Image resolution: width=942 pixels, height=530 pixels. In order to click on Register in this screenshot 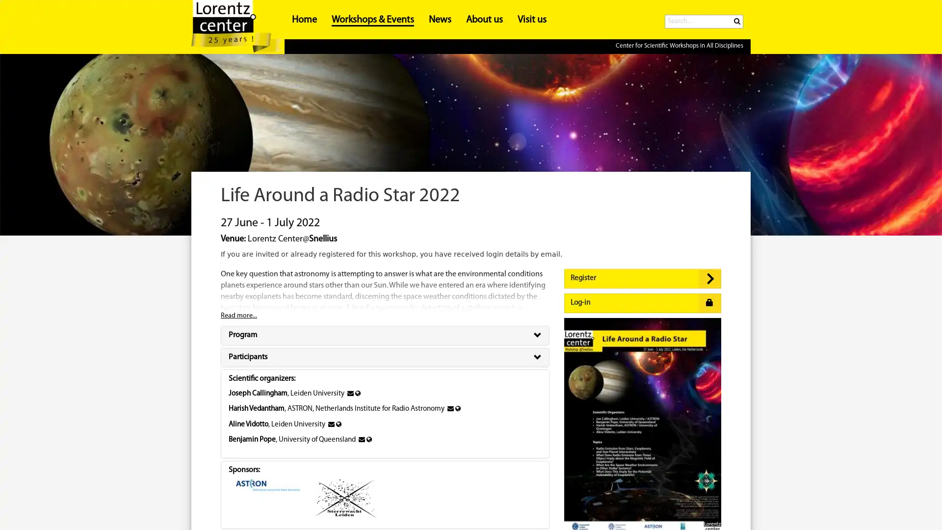, I will do `click(643, 278)`.